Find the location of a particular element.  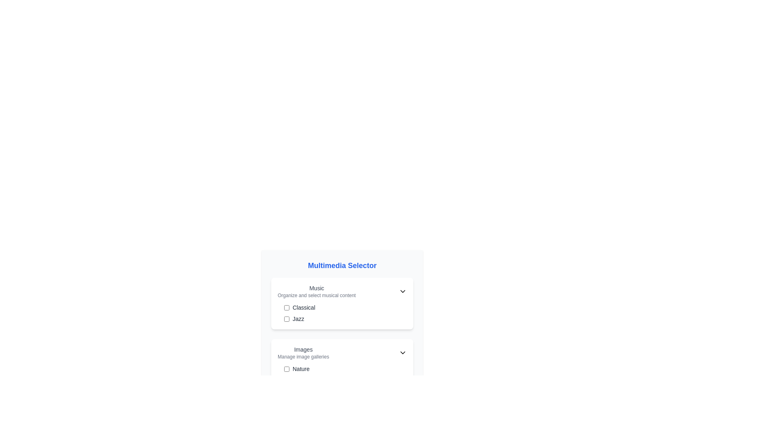

the blue-tinted rounded checkbox located to the left of the 'Nature' text in the 'Images' section of the 'Multimedia Selector' interface for potential tooltip or visual effect is located at coordinates (287, 369).